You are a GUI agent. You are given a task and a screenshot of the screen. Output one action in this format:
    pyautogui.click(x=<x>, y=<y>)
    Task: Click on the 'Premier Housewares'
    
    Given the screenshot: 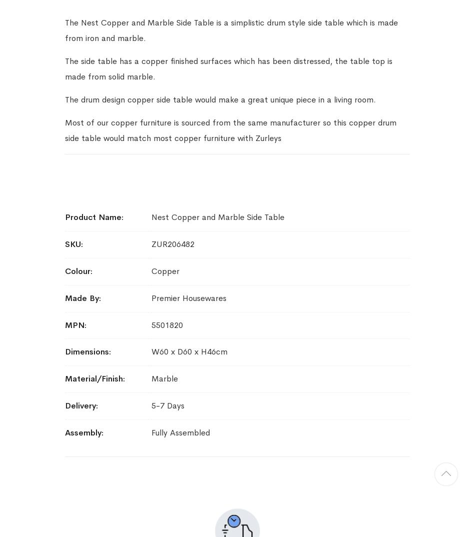 What is the action you would take?
    pyautogui.click(x=187, y=297)
    